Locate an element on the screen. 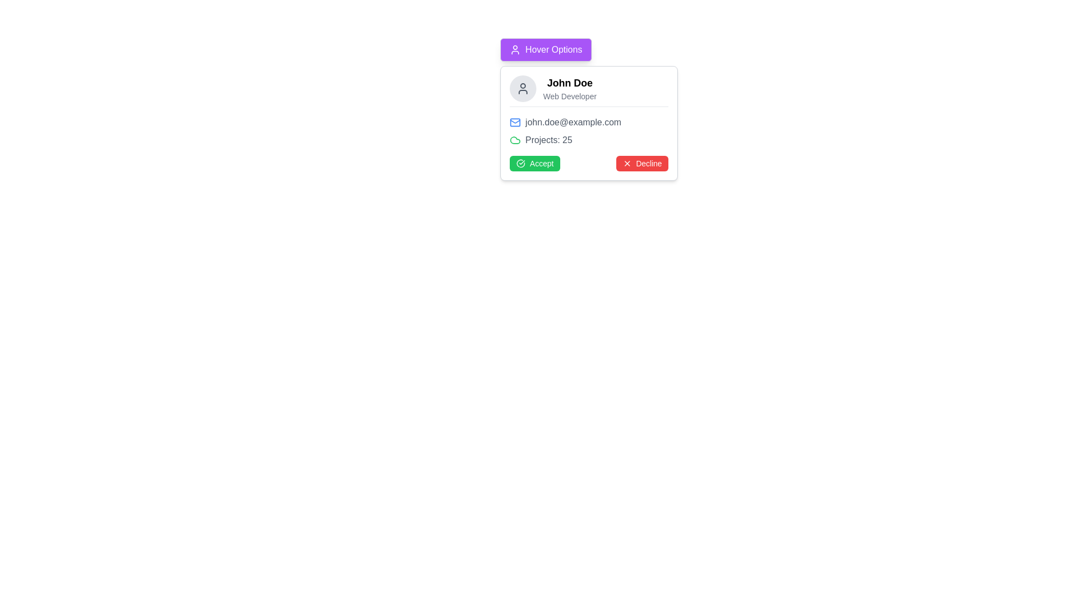 Image resolution: width=1065 pixels, height=599 pixels. the decorative icon located at the leftmost side of the 'Hover Options' button, which enhances the button's visual appeal and indicates user-related options is located at coordinates (515, 49).